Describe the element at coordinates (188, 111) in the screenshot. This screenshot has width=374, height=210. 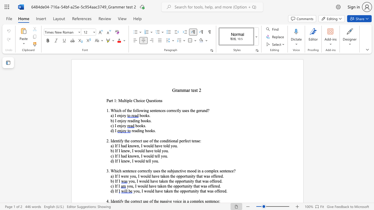
I see `the subset text "s th" within the text "1. Which of the following sentences correctly uses the gerund?"` at that location.